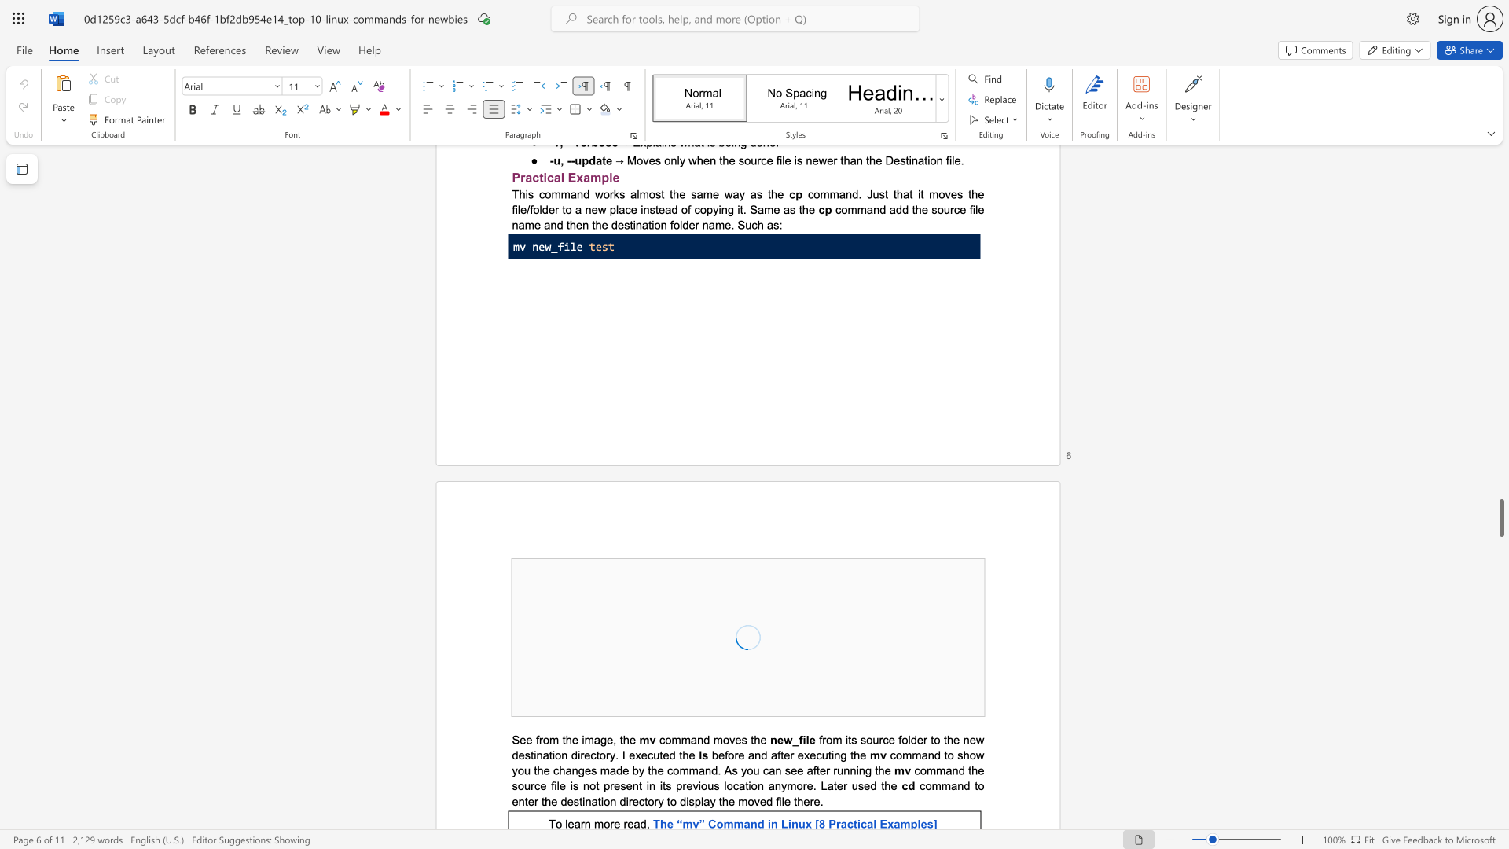 Image resolution: width=1509 pixels, height=849 pixels. I want to click on the scrollbar to move the page upward, so click(1500, 329).